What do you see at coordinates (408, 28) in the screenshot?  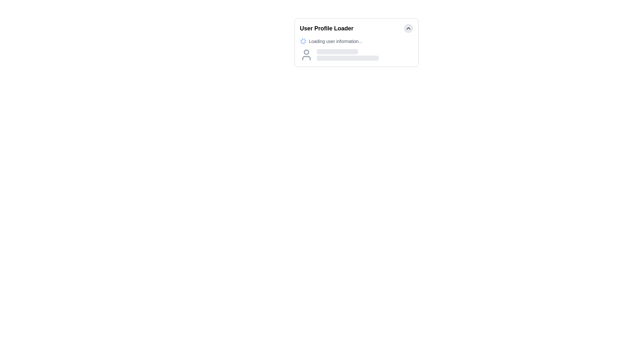 I see `the circular button containing the upwards-pointing chevron icon located at the top-right corner of the 'User Profile Loader' card` at bounding box center [408, 28].